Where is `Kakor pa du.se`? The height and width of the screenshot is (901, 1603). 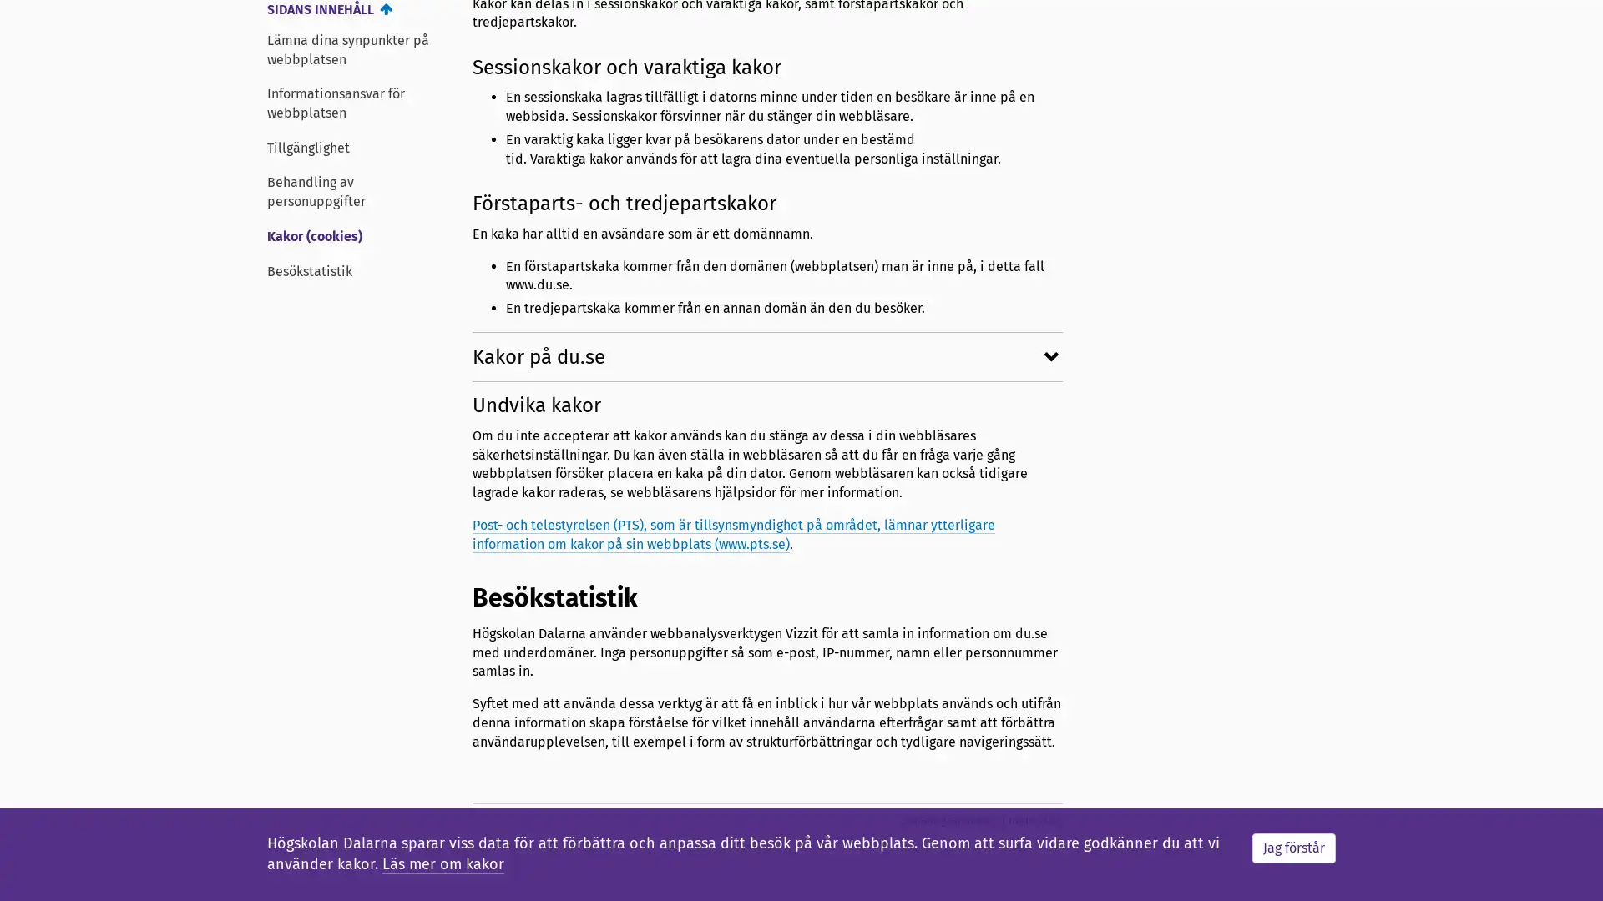
Kakor pa du.se is located at coordinates (766, 355).